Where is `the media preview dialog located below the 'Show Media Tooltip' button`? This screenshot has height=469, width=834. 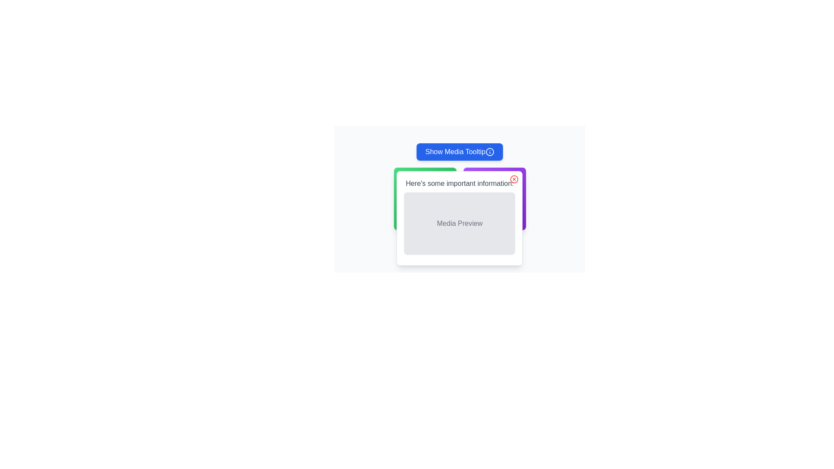 the media preview dialog located below the 'Show Media Tooltip' button is located at coordinates (459, 218).